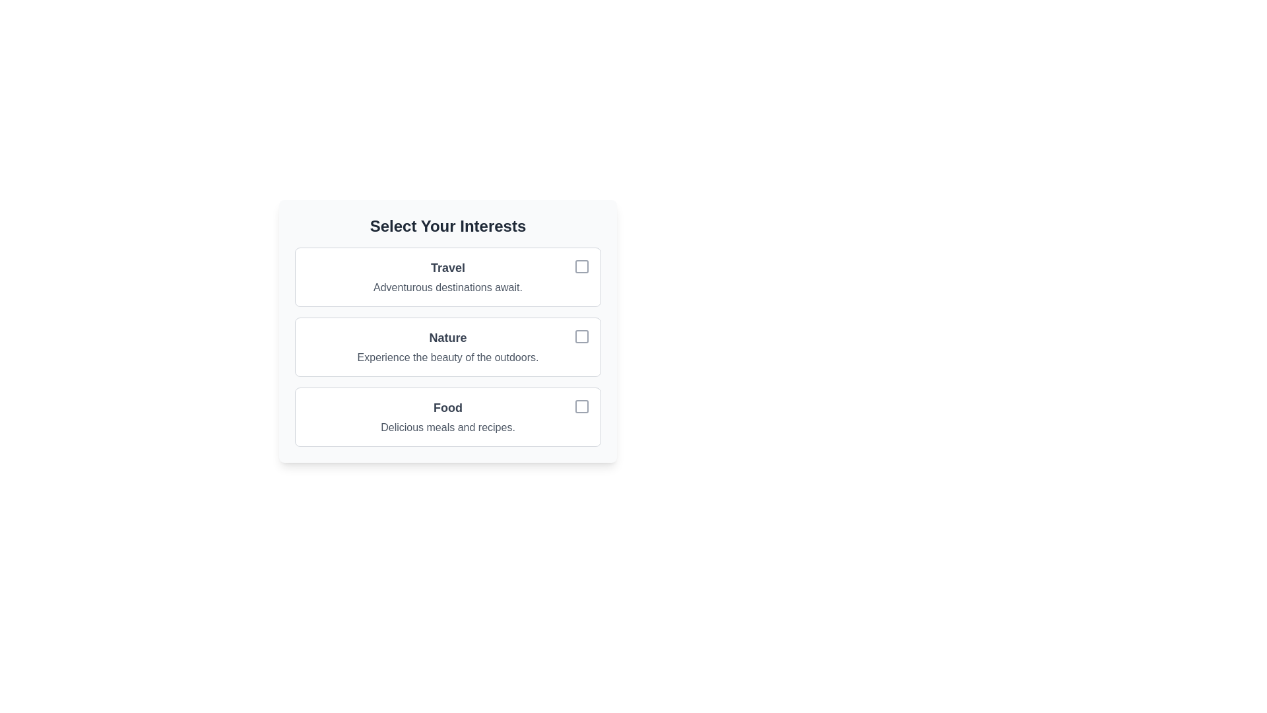  What do you see at coordinates (581, 267) in the screenshot?
I see `the checkbox selection indicator located at the top right corner of the 'Travel' item in the list` at bounding box center [581, 267].